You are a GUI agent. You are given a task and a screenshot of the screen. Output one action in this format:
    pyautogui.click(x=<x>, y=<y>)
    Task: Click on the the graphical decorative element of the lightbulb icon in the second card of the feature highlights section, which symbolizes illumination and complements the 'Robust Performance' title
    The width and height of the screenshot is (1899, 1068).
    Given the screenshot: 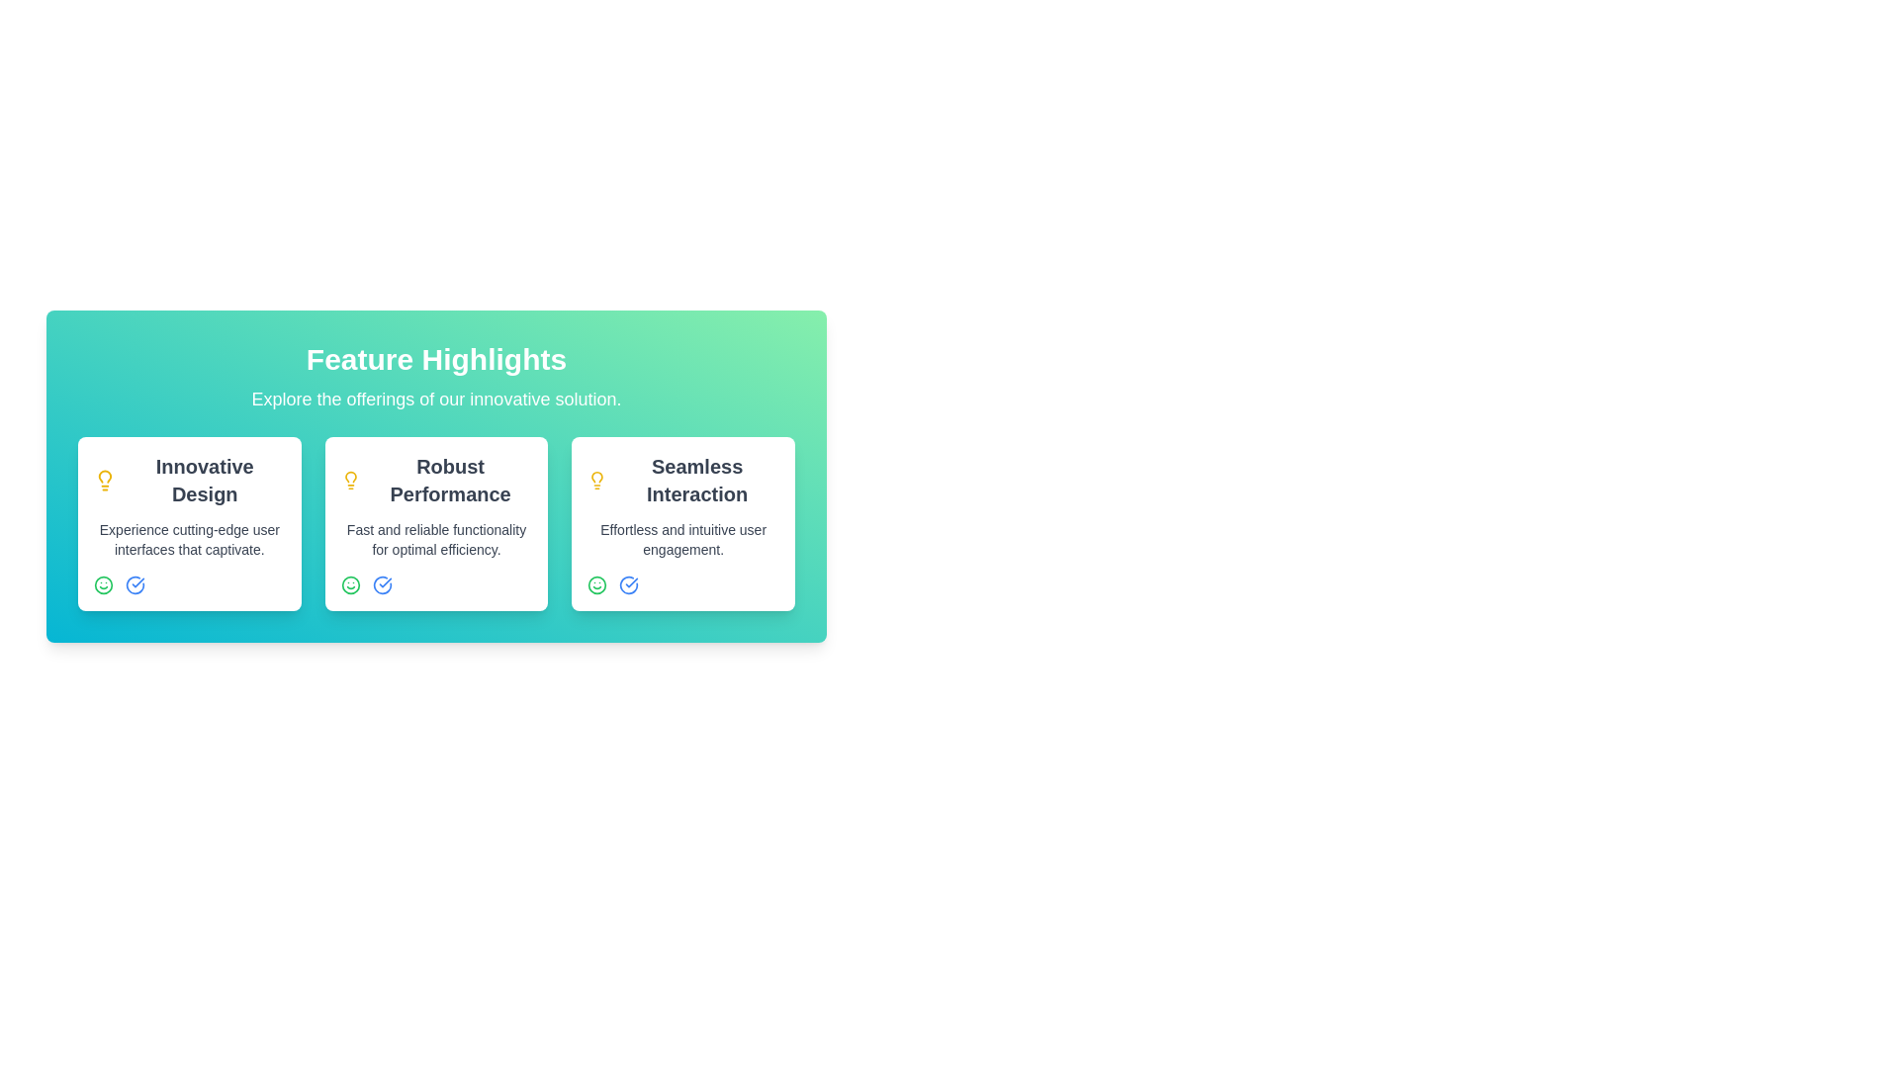 What is the action you would take?
    pyautogui.click(x=350, y=477)
    